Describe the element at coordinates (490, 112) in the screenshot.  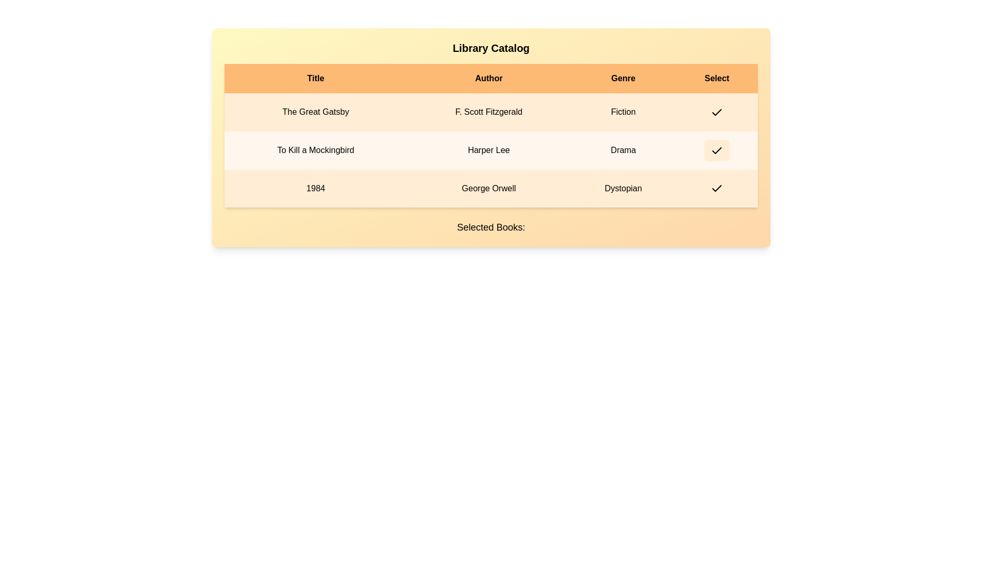
I see `the first row of the book details table containing 'The Great Gatsby'` at that location.